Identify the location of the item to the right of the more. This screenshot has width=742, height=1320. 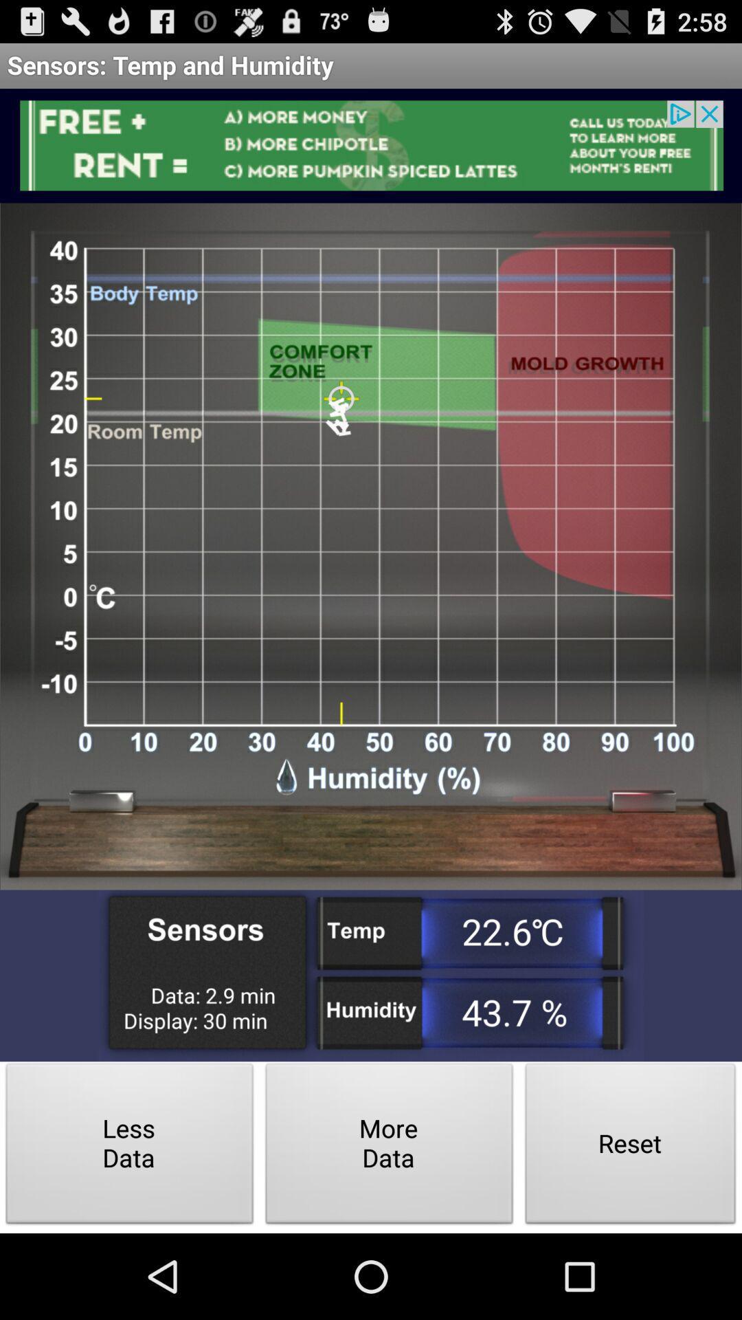
(631, 1147).